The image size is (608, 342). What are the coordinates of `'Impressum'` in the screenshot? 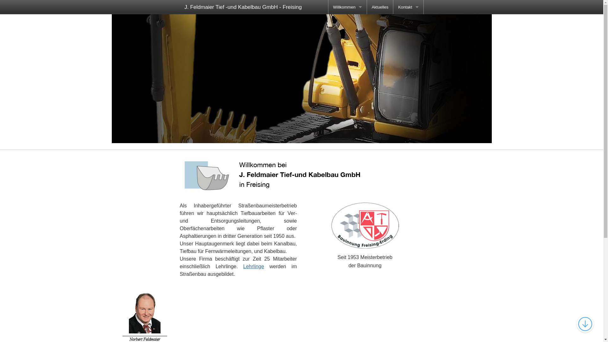 It's located at (347, 64).